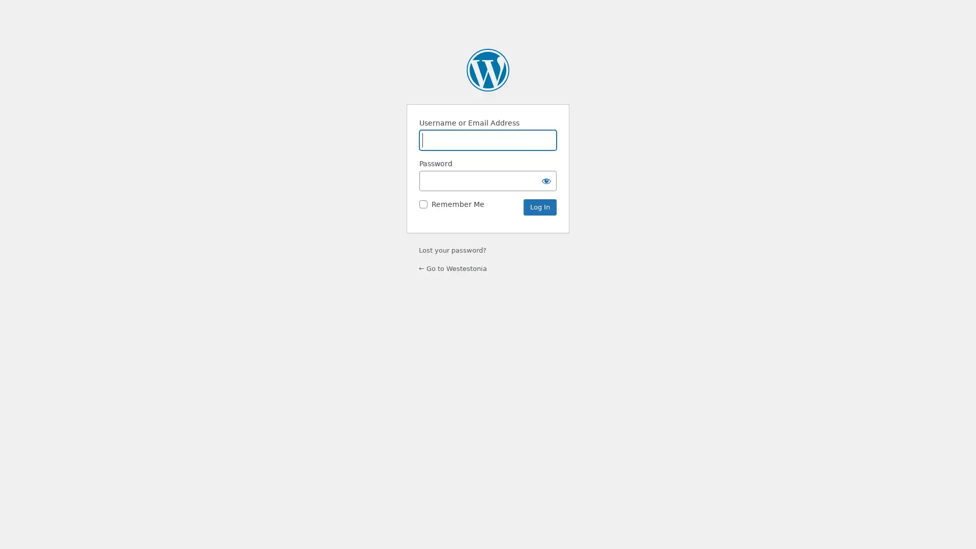 The image size is (976, 549). I want to click on Log In, so click(539, 207).